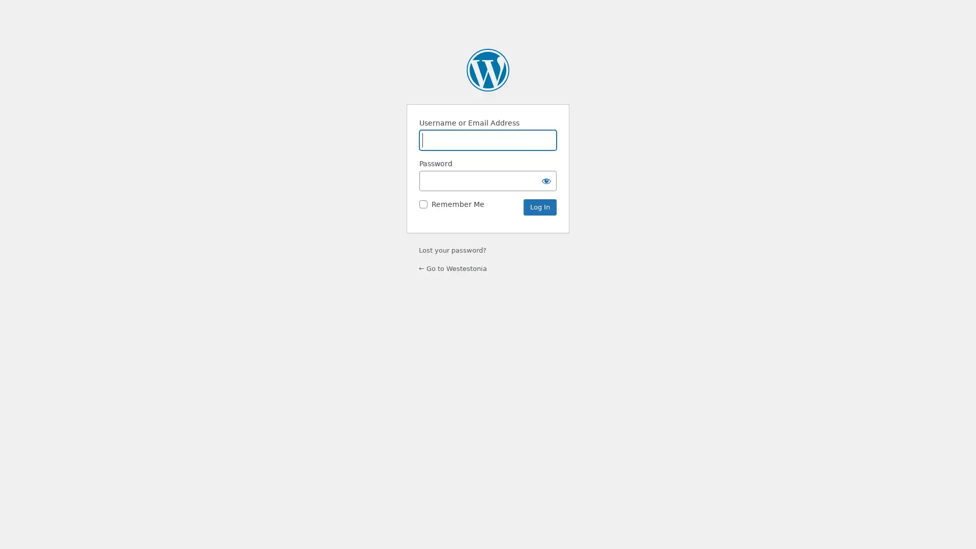 The image size is (976, 549). I want to click on Log In, so click(539, 207).